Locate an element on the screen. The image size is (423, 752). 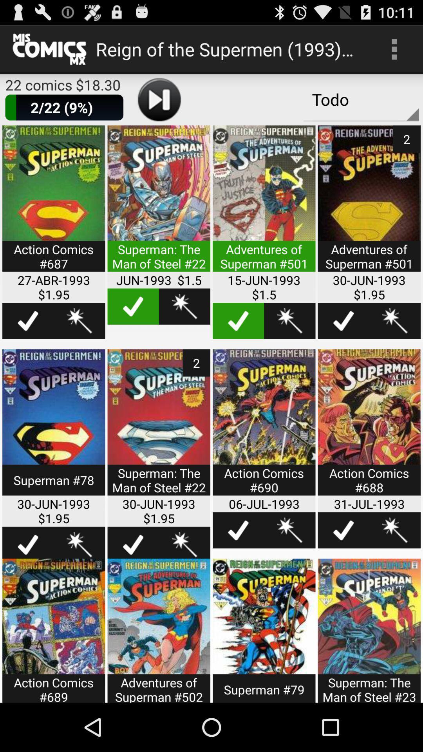
open selection is located at coordinates (53, 427).